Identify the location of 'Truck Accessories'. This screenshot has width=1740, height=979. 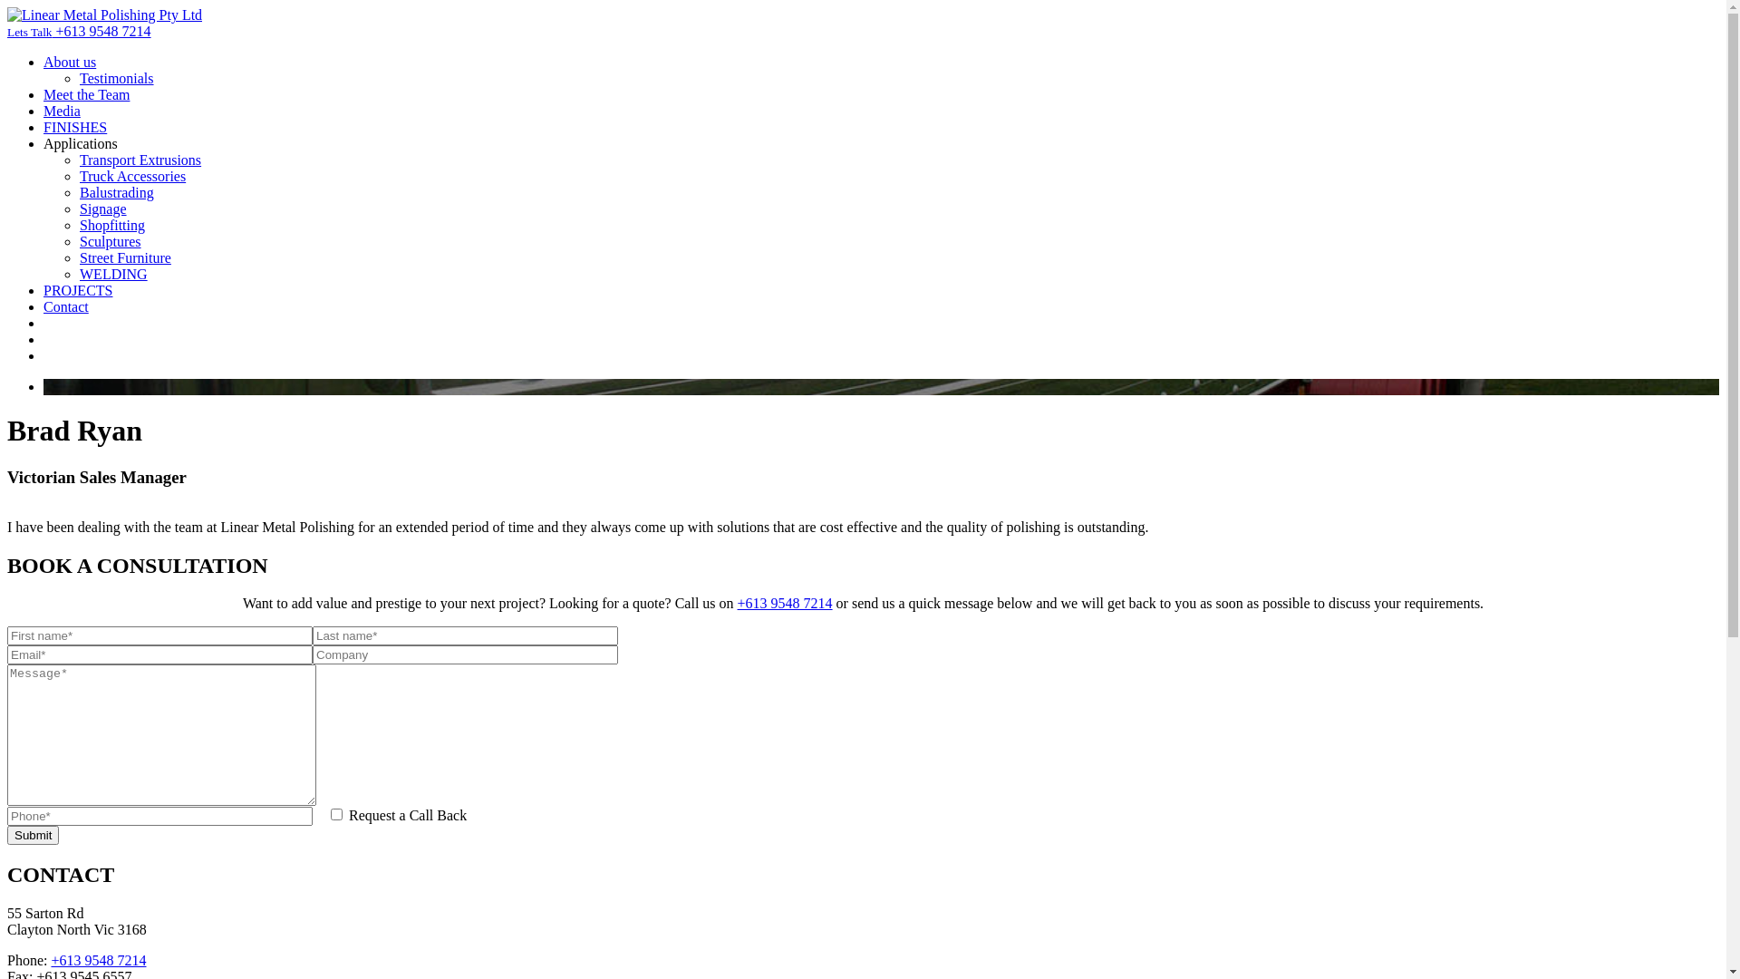
(131, 176).